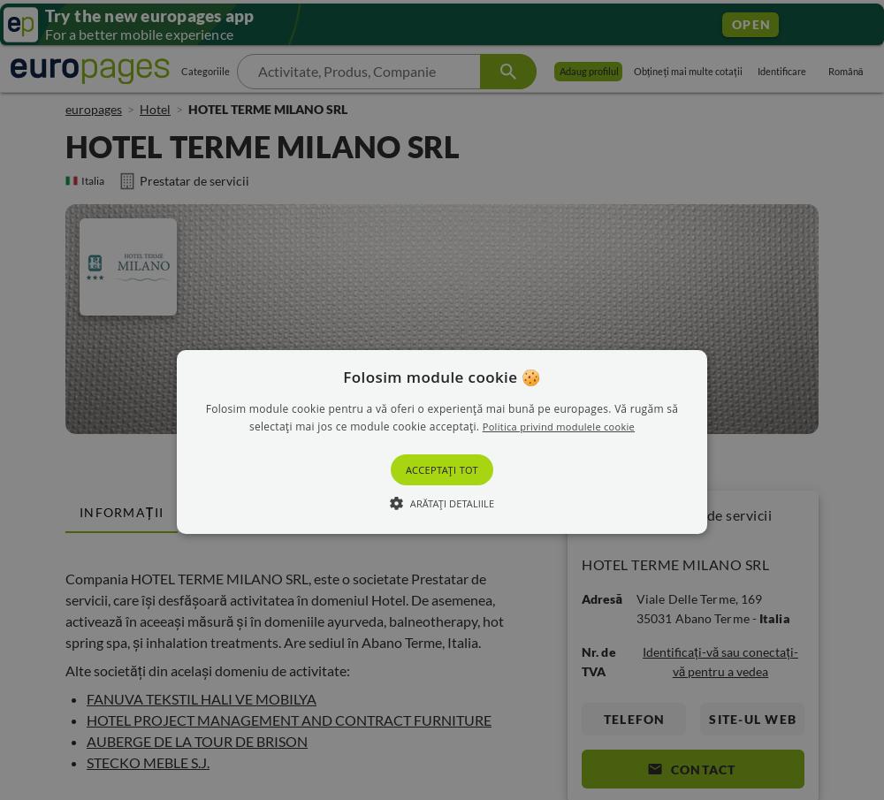  What do you see at coordinates (45, 33) in the screenshot?
I see `'For a better mobile experience'` at bounding box center [45, 33].